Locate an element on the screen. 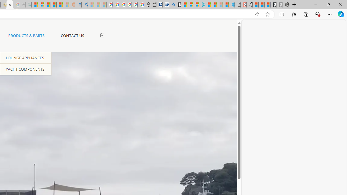  'Cheap Car Rentals - Save70.com' is located at coordinates (165, 5).